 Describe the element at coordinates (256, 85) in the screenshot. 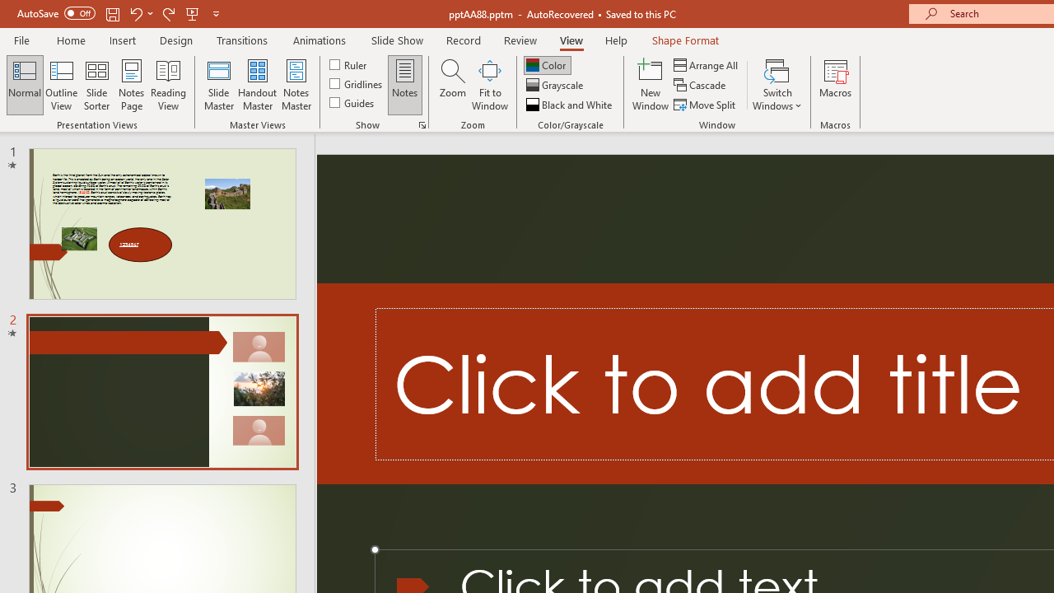

I see `'Handout Master'` at that location.